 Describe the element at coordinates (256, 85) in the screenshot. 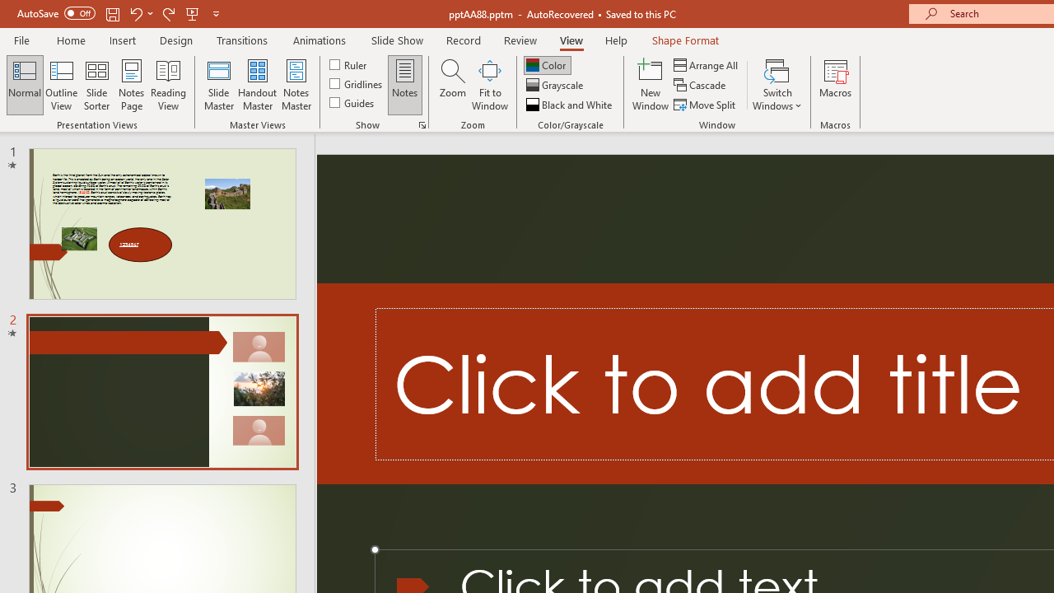

I see `'Handout Master'` at that location.